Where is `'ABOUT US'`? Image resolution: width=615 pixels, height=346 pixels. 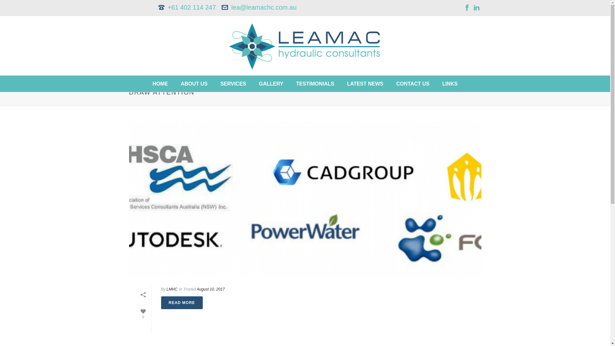
'ABOUT US' is located at coordinates (193, 83).